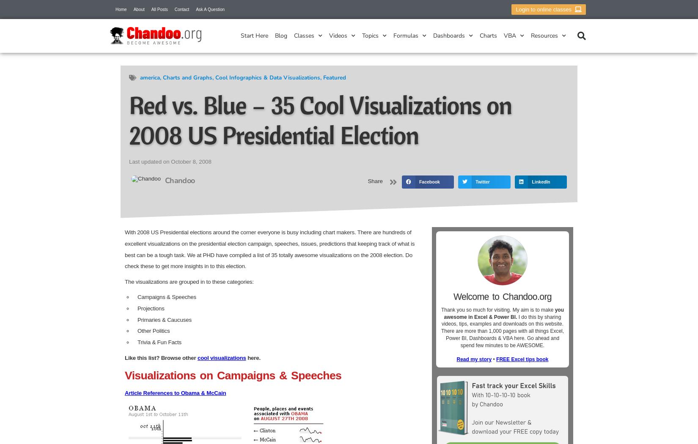 Image resolution: width=698 pixels, height=444 pixels. Describe the element at coordinates (170, 161) in the screenshot. I see `'Last updated on October 8, 2008'` at that location.